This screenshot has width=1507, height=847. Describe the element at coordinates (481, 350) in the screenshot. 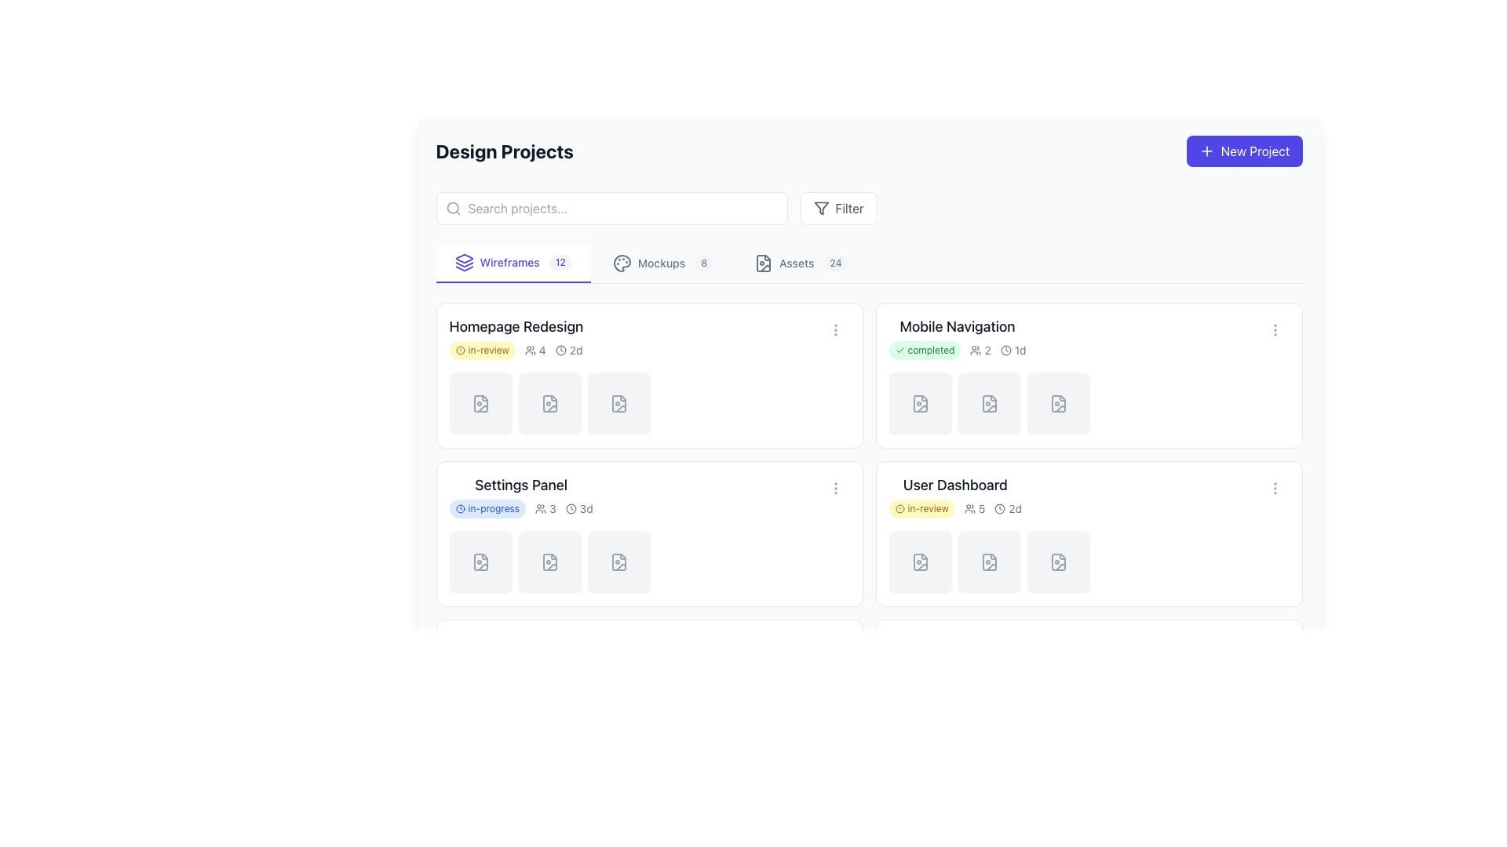

I see `status text of the small rectangular badge with rounded corners that has a light yellow background and displays 'in-review' in yellow text, located in the header area above the 'Homepage Redesign' project card` at that location.